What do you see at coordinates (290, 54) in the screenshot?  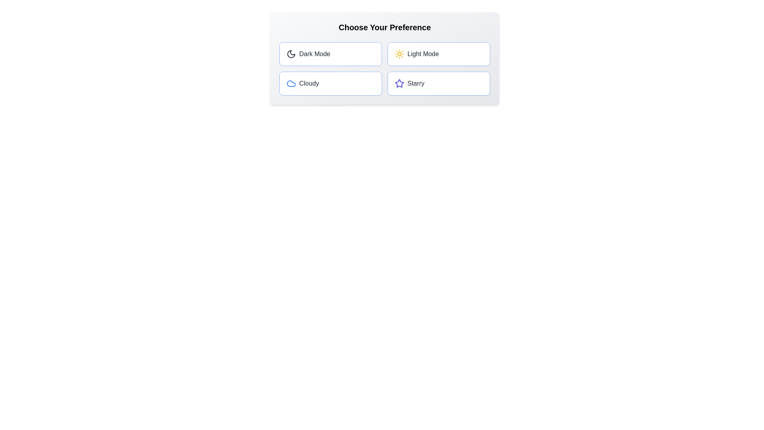 I see `the dark gray crescent moon icon representing the 'Dark Mode' theme` at bounding box center [290, 54].